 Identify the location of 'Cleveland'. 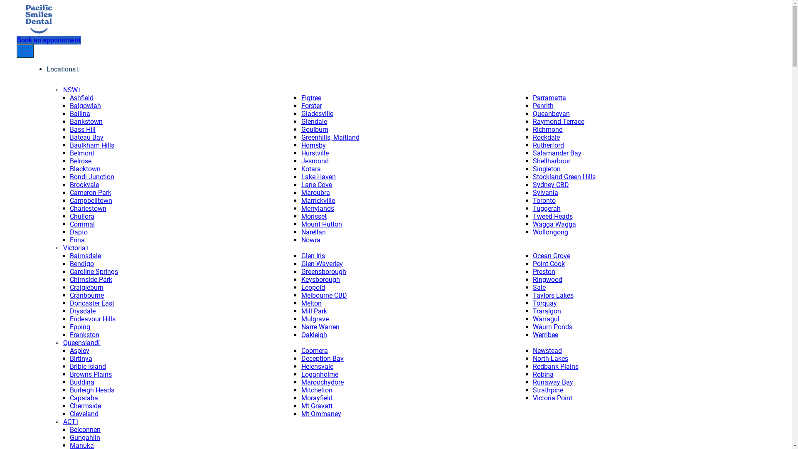
(84, 414).